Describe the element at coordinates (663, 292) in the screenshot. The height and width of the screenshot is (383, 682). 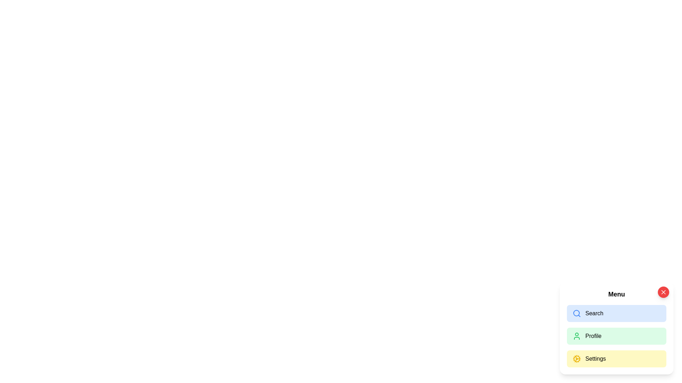
I see `the diagonal cross icon within the red circular button at the top-right corner of the menu panel` at that location.